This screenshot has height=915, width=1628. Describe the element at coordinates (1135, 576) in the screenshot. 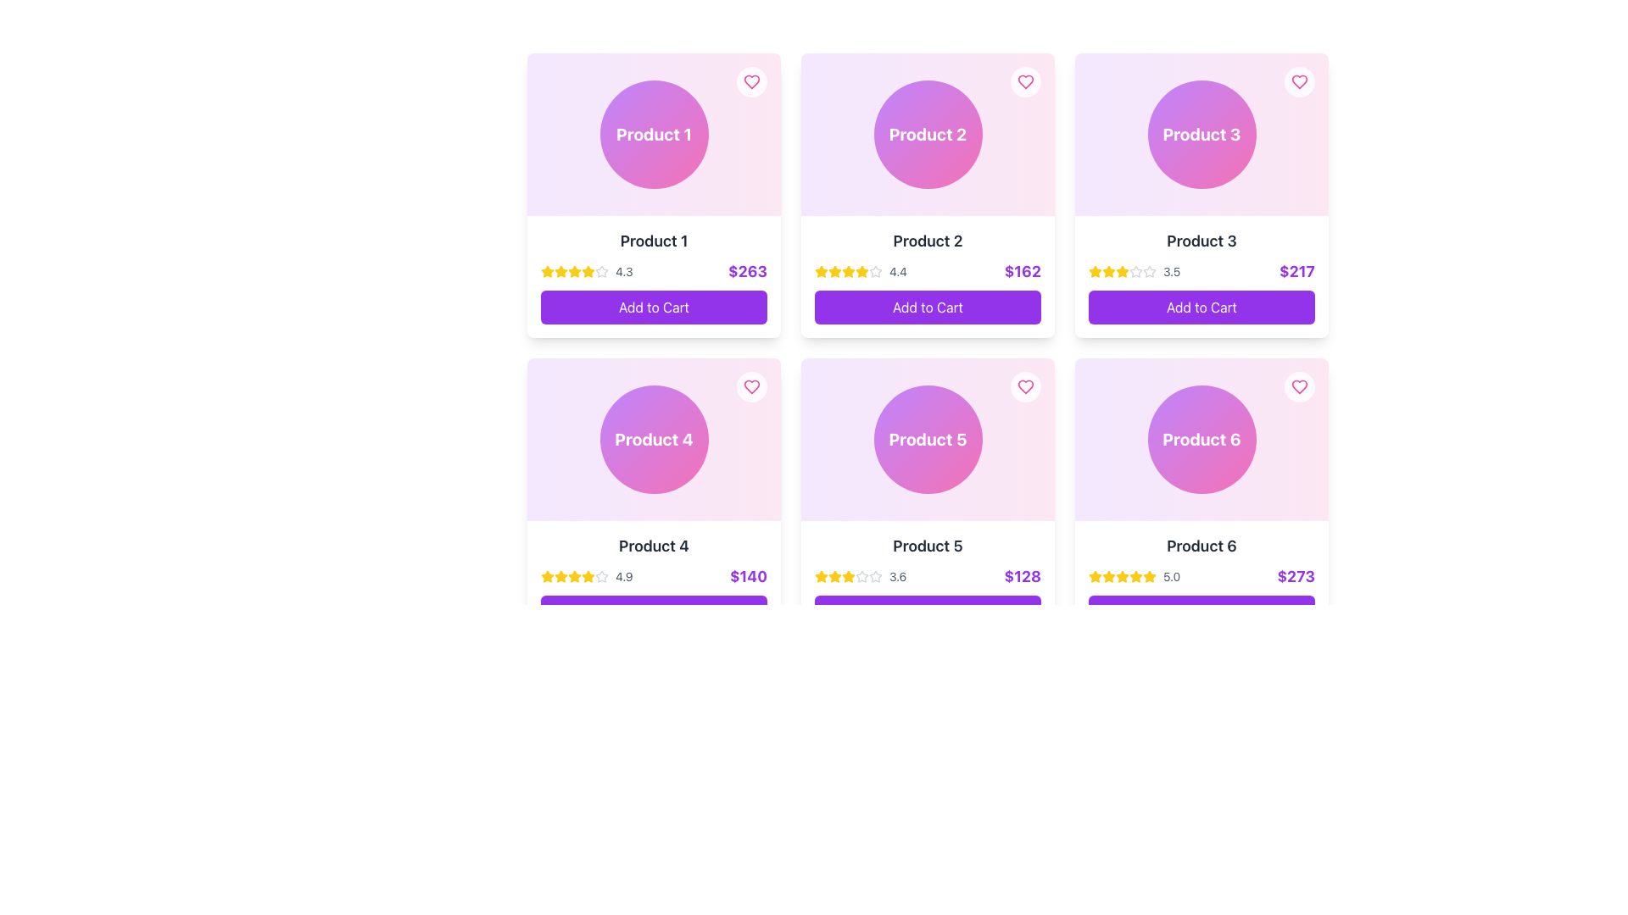

I see `the stars in the Rating Display of 'Product 6' to indicate interest` at that location.